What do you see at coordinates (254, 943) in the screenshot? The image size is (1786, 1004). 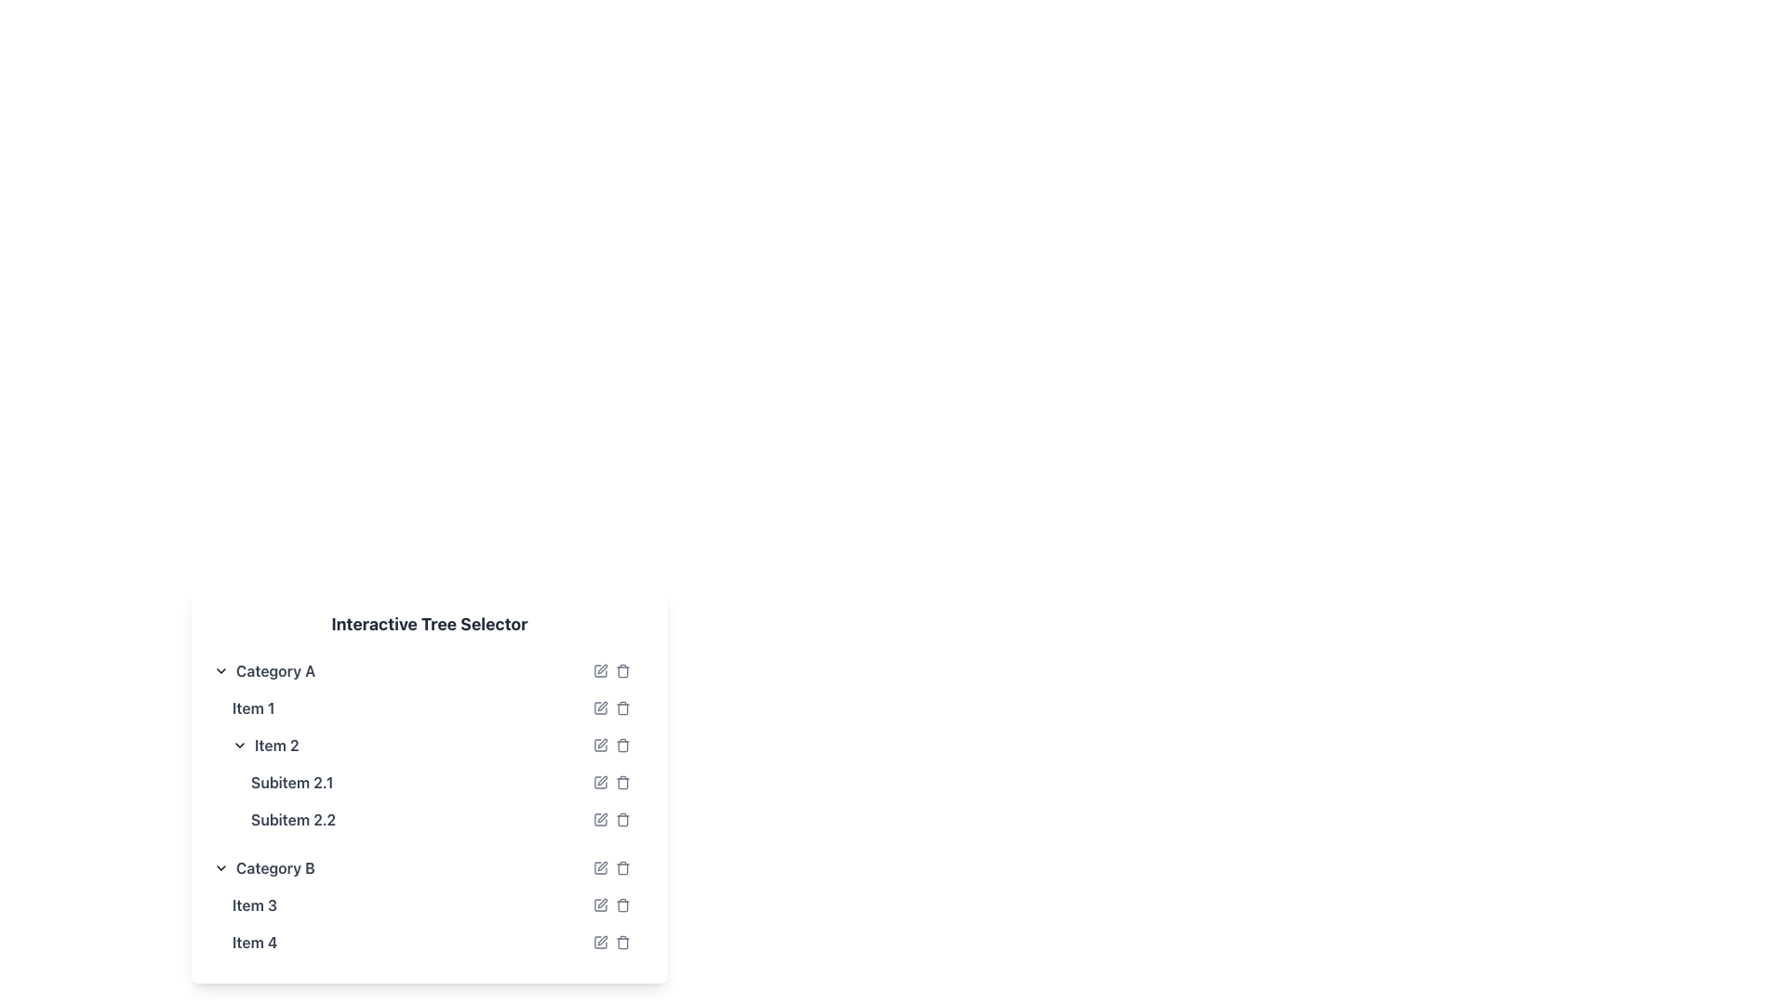 I see `the text label that identifies an item within 'Category B' in the hierarchical selection list, positioned immediately below 'Item 3'` at bounding box center [254, 943].